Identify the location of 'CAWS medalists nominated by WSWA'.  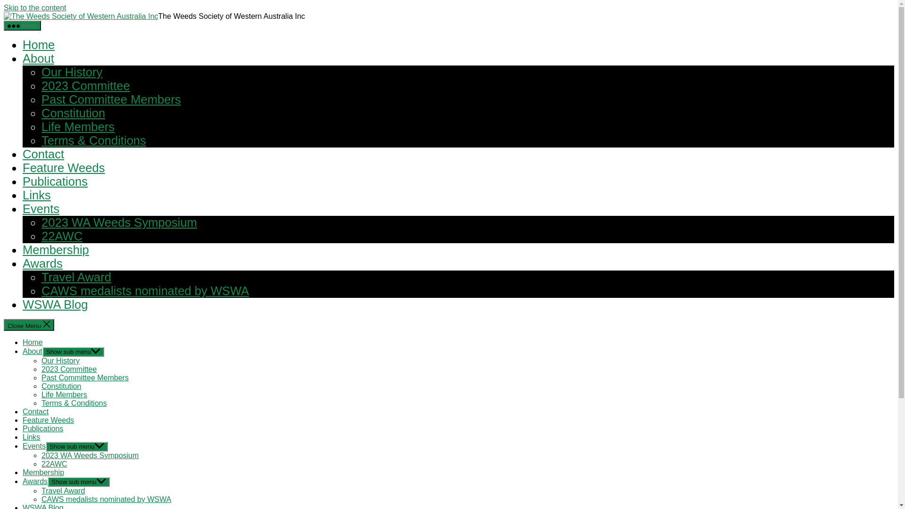
(144, 290).